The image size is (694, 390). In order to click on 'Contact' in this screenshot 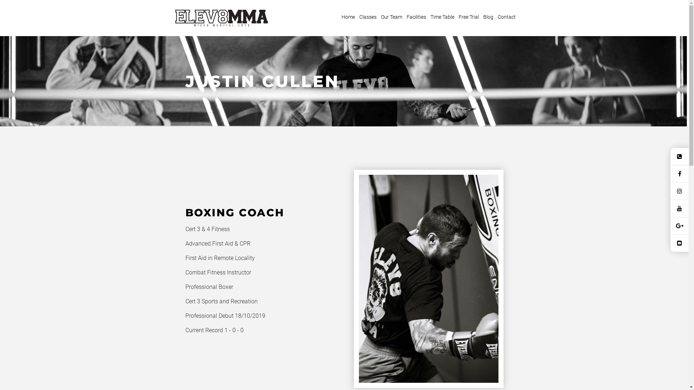, I will do `click(496, 17)`.